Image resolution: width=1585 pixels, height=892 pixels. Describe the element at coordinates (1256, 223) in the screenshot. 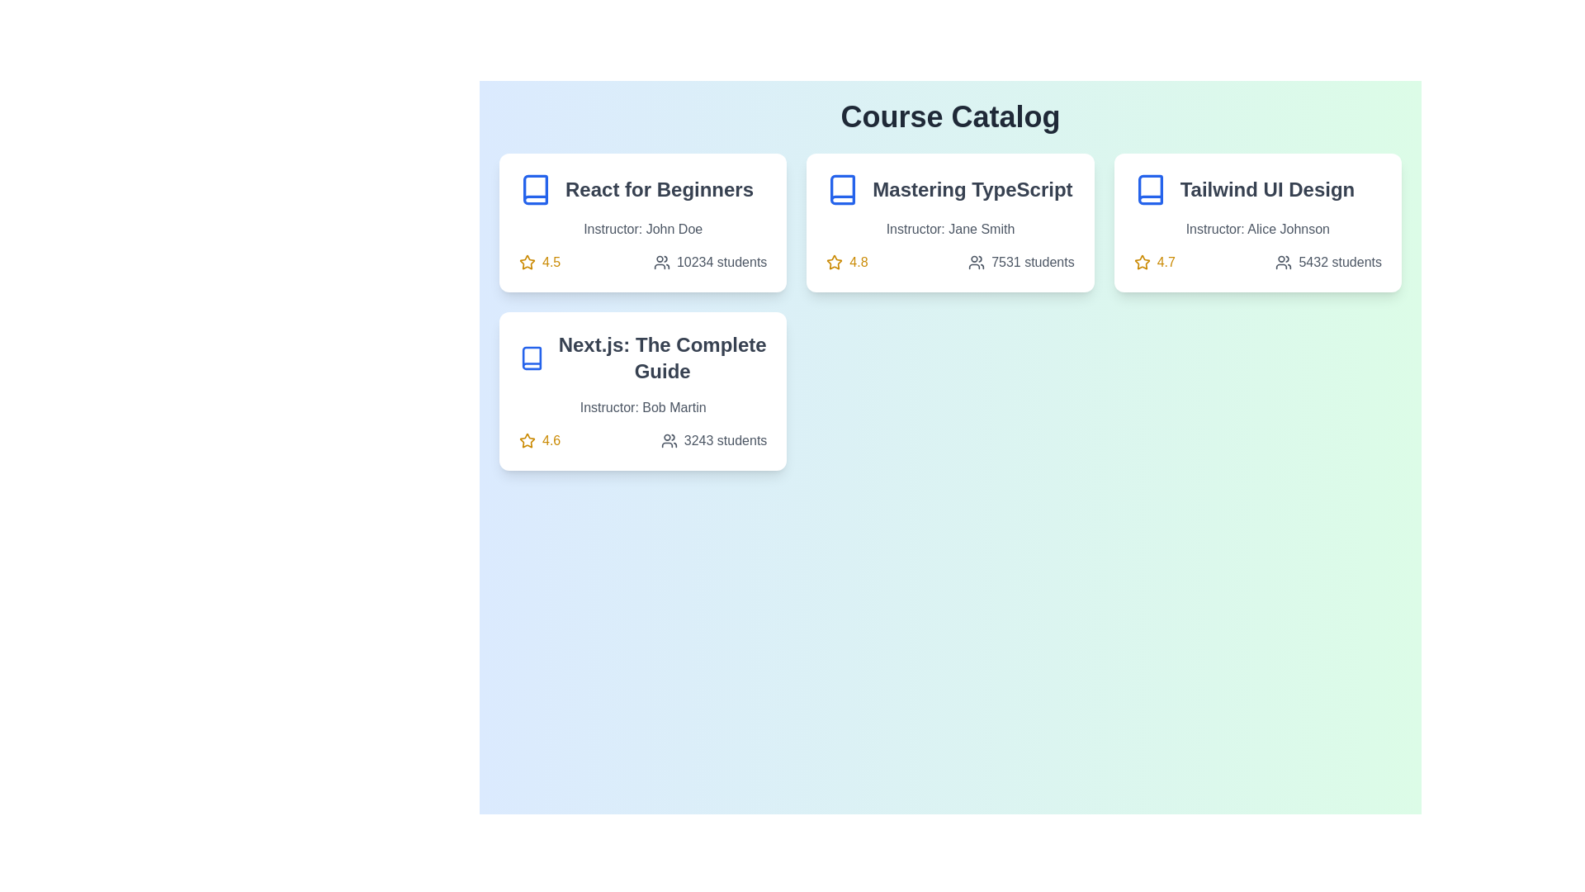

I see `the 'Tailwind UI Design' card component located at the top-right corner of the course catalog to compare it with other courses in the layout` at that location.